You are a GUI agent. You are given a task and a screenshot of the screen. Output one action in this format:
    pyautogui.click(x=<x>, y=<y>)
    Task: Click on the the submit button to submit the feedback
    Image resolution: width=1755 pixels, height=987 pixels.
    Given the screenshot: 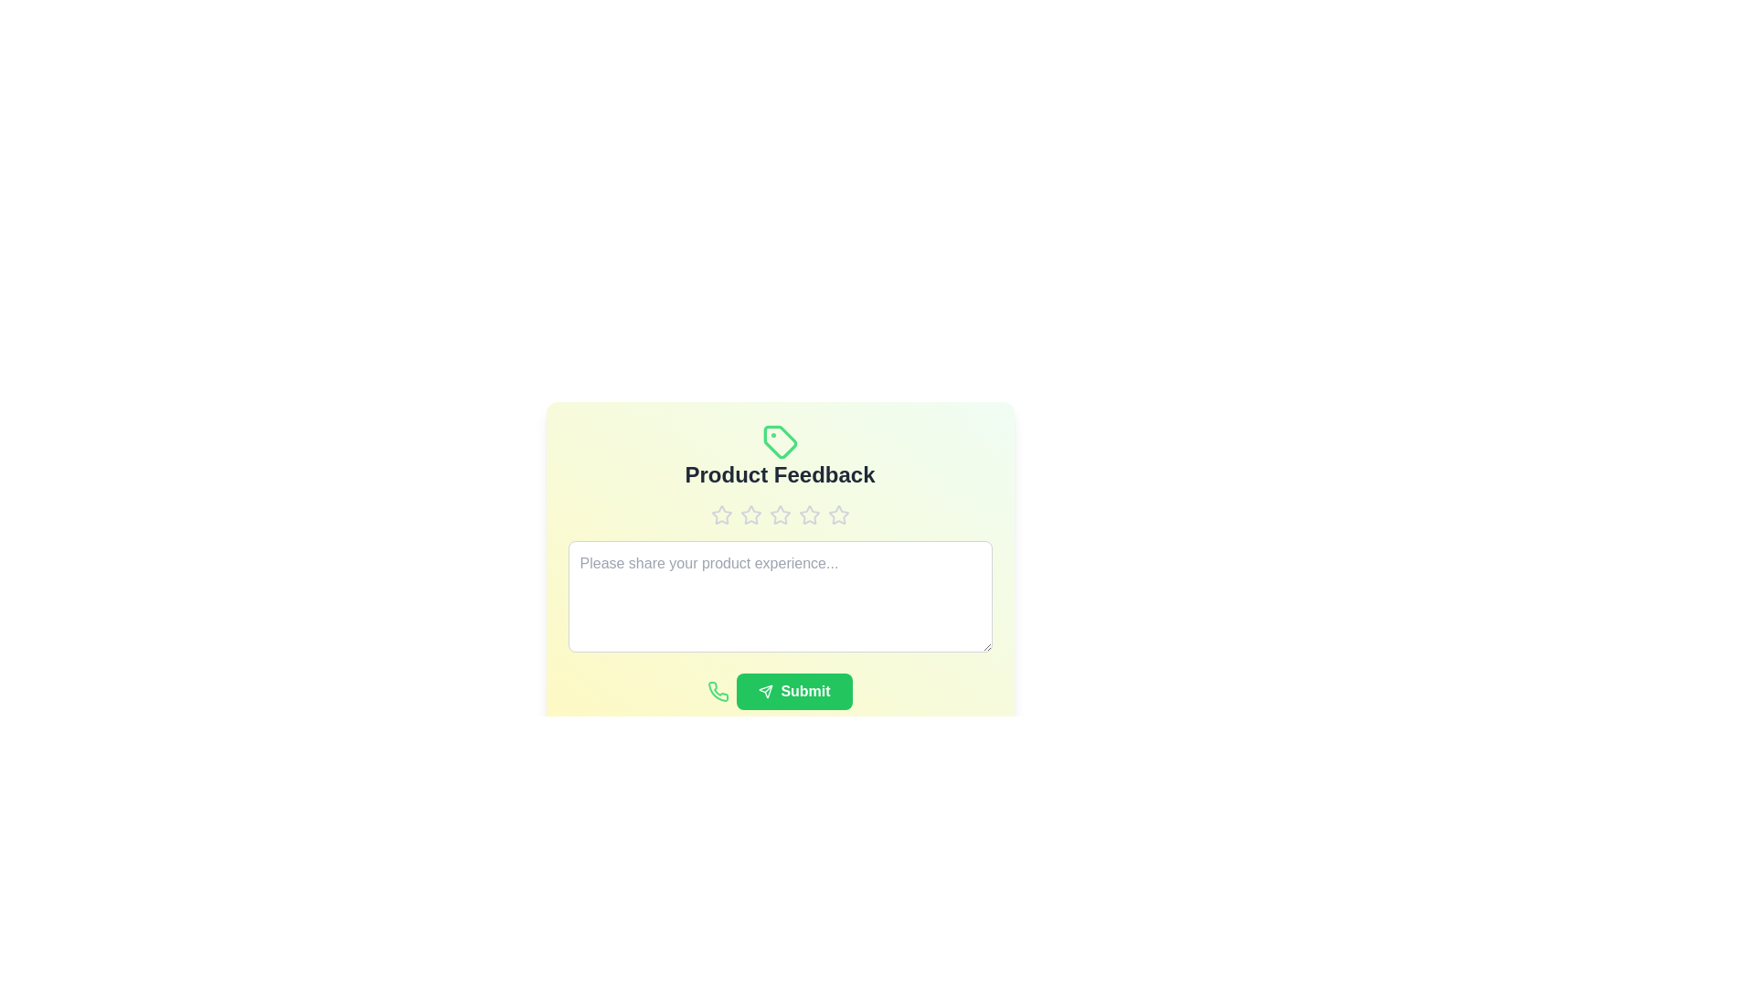 What is the action you would take?
    pyautogui.click(x=794, y=691)
    